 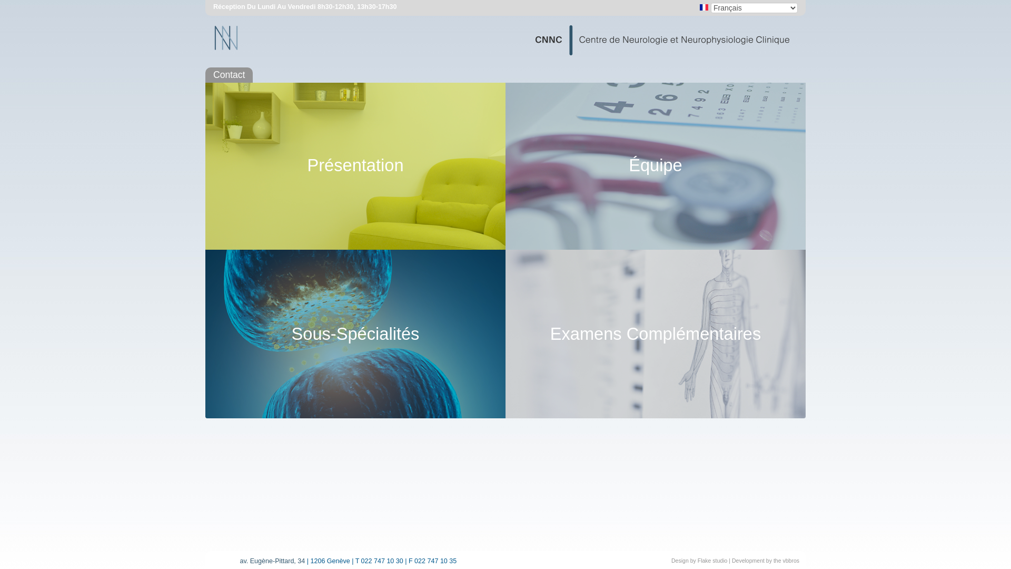 What do you see at coordinates (712, 560) in the screenshot?
I see `'Flake studio'` at bounding box center [712, 560].